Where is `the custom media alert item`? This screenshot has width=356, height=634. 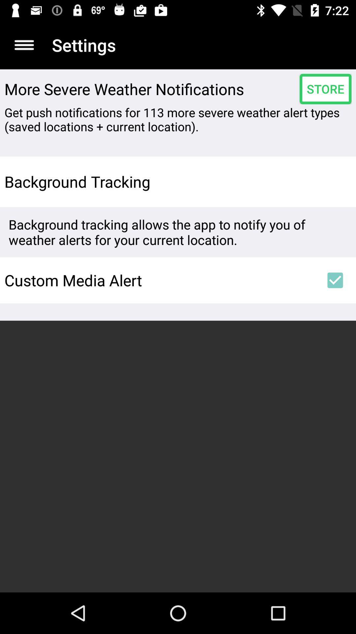 the custom media alert item is located at coordinates (159, 280).